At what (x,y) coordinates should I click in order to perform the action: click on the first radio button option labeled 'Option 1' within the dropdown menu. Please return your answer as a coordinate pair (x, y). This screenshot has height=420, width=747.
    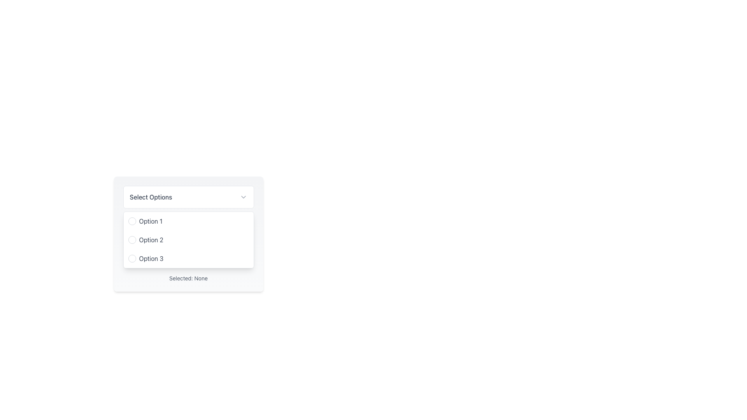
    Looking at the image, I should click on (188, 221).